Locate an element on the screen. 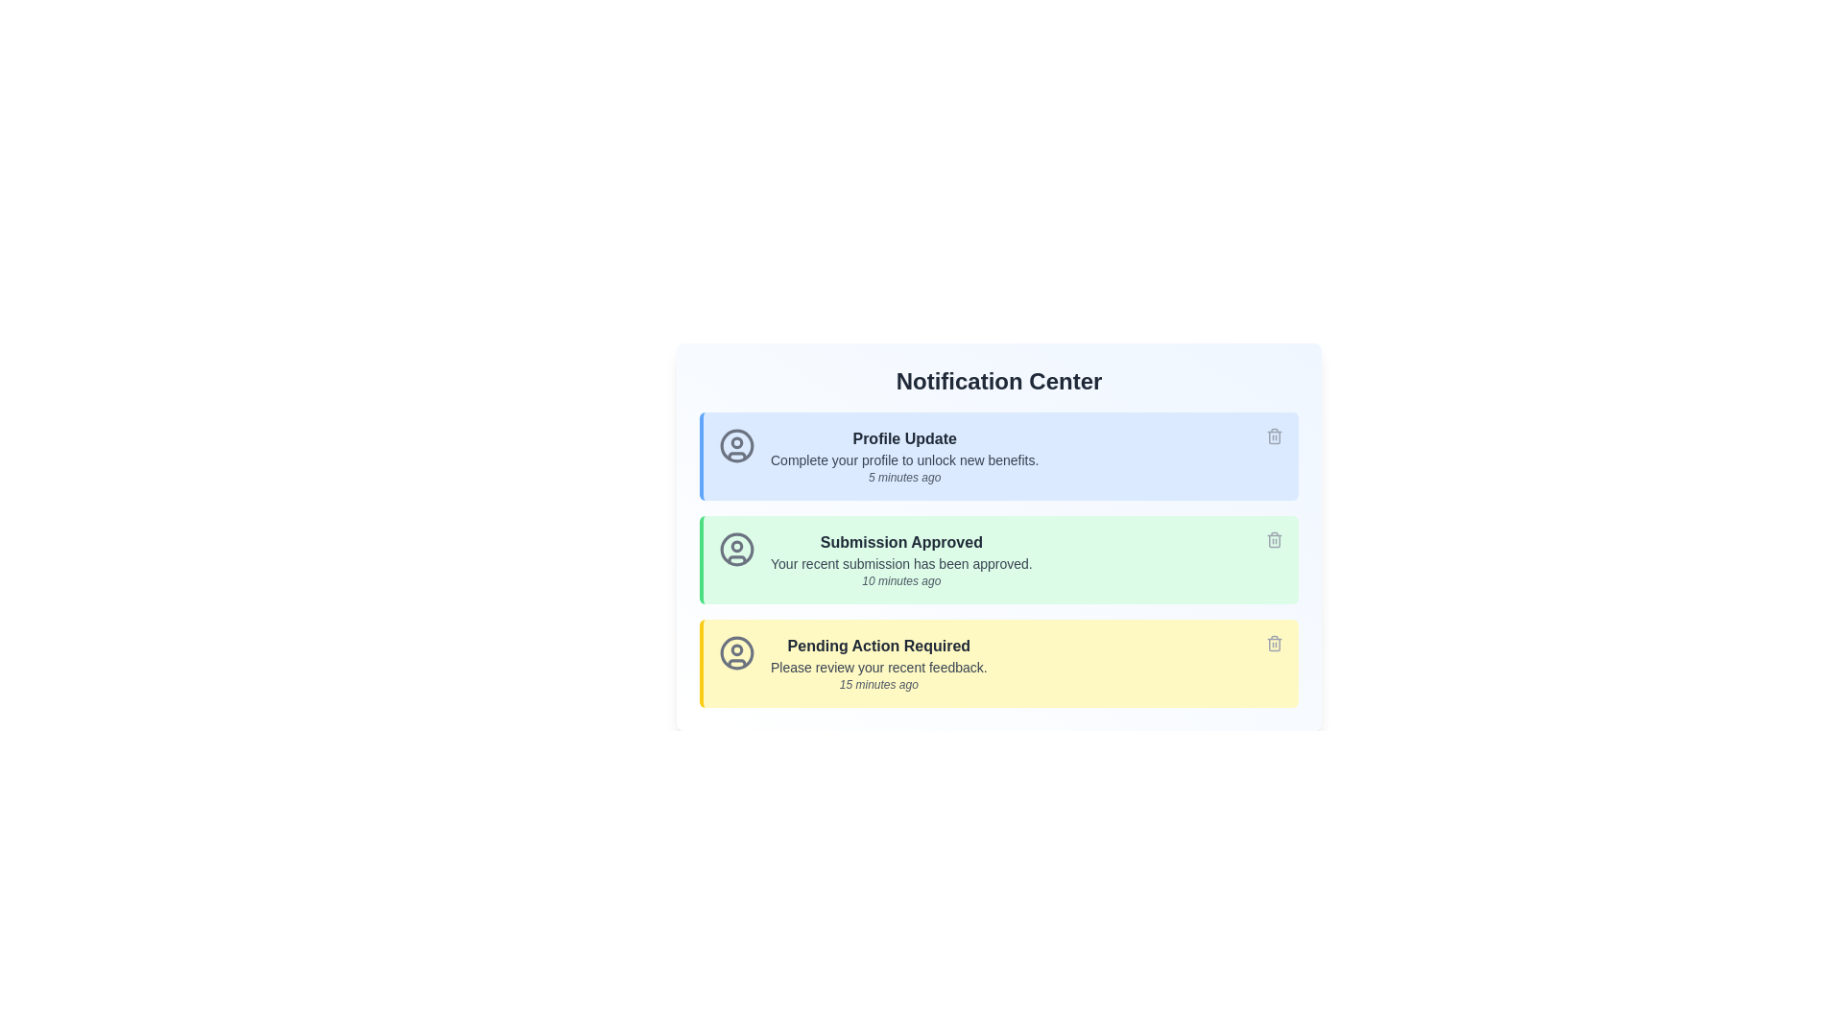  timestamp displayed in light gray italic font that shows '10 minutes ago.' located in the bottom-right corner of the notification card is located at coordinates (900, 579).